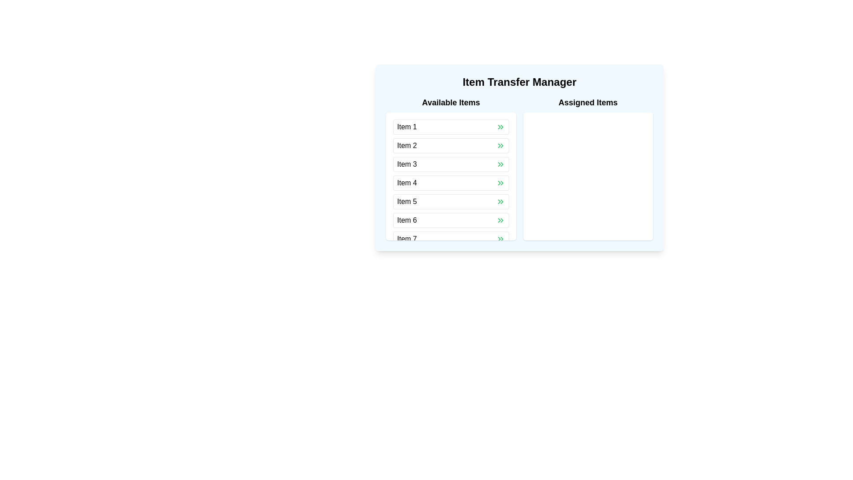 This screenshot has height=480, width=853. I want to click on the fourth item in the 'Available Items' list within the 'Item Transfer Manager', so click(451, 183).